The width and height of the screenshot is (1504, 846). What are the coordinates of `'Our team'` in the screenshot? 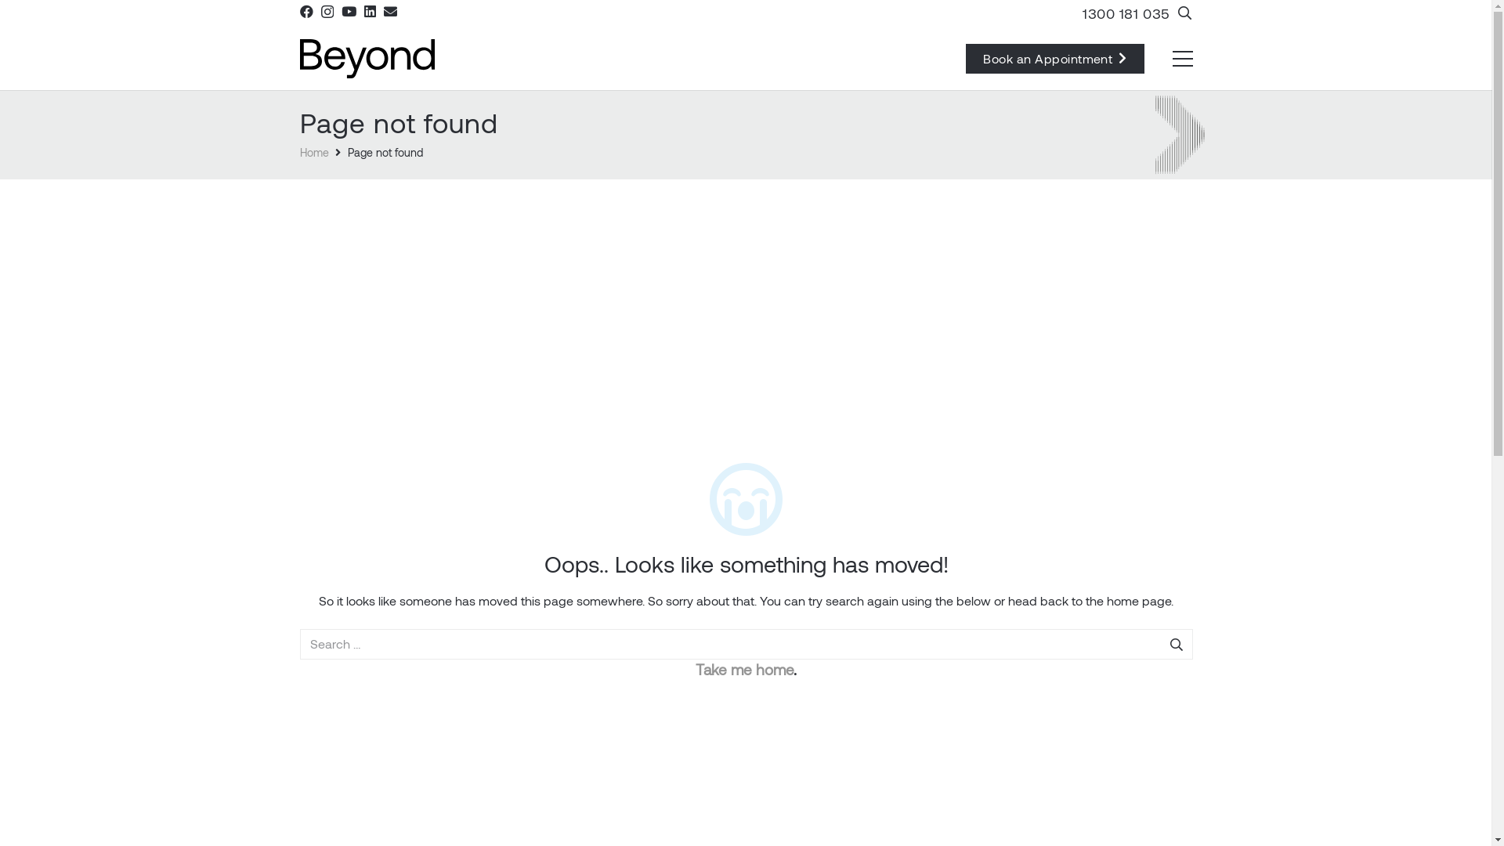 It's located at (322, 714).